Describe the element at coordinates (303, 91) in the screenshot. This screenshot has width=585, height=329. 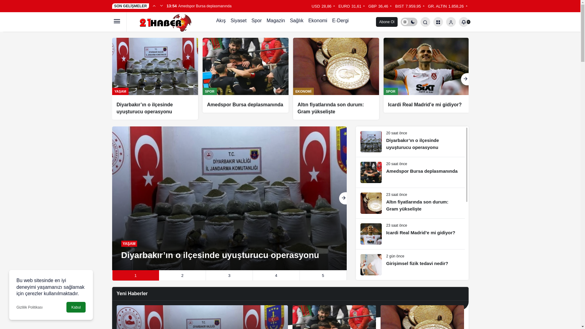
I see `'EKONOMI'` at that location.